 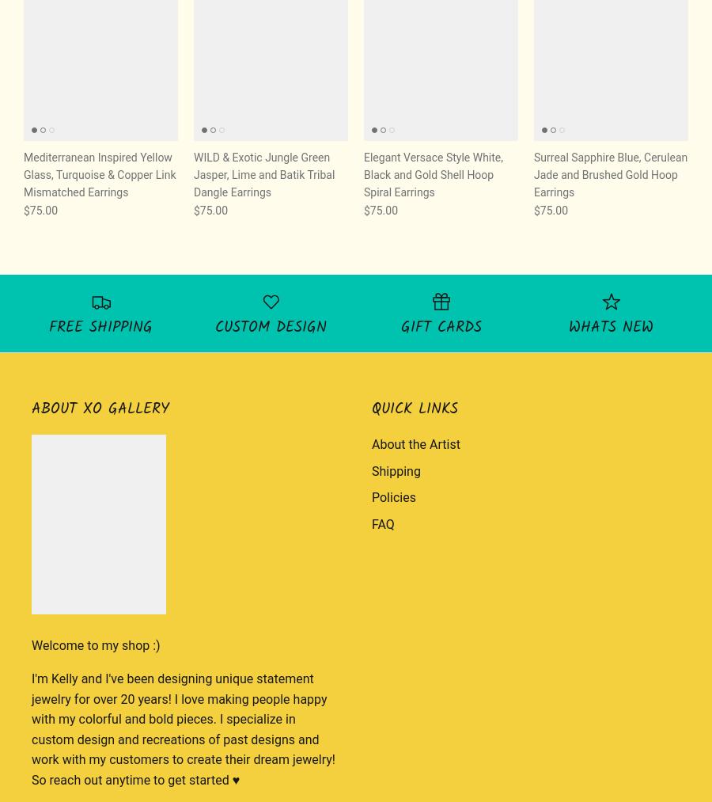 I want to click on '(ANG ƒ)', so click(x=655, y=55).